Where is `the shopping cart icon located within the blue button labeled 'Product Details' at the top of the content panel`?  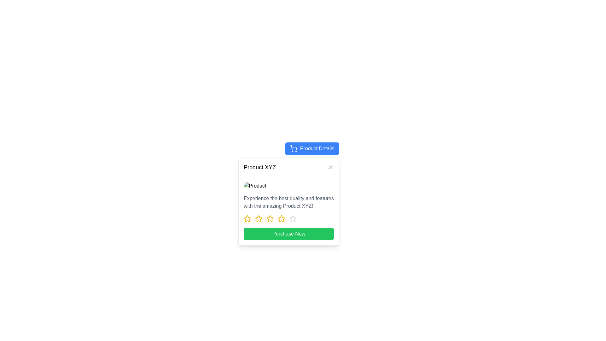
the shopping cart icon located within the blue button labeled 'Product Details' at the top of the content panel is located at coordinates (293, 148).